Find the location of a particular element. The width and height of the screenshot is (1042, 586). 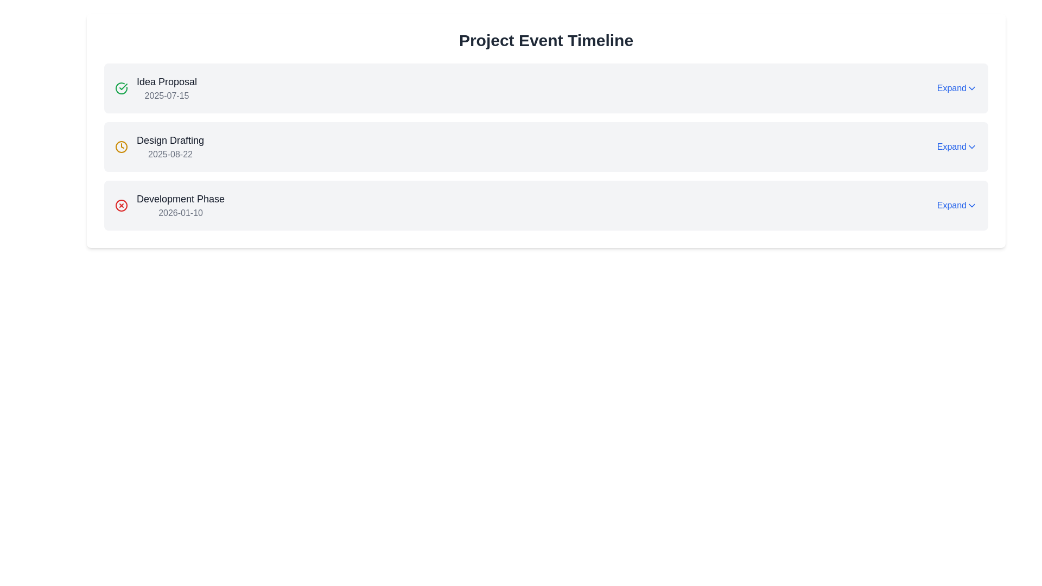

the Info Card element displaying the task 'Design Drafting' with the date '2025-08-22', located in the center of the second row of the 'Project Event Timeline' is located at coordinates (158, 146).